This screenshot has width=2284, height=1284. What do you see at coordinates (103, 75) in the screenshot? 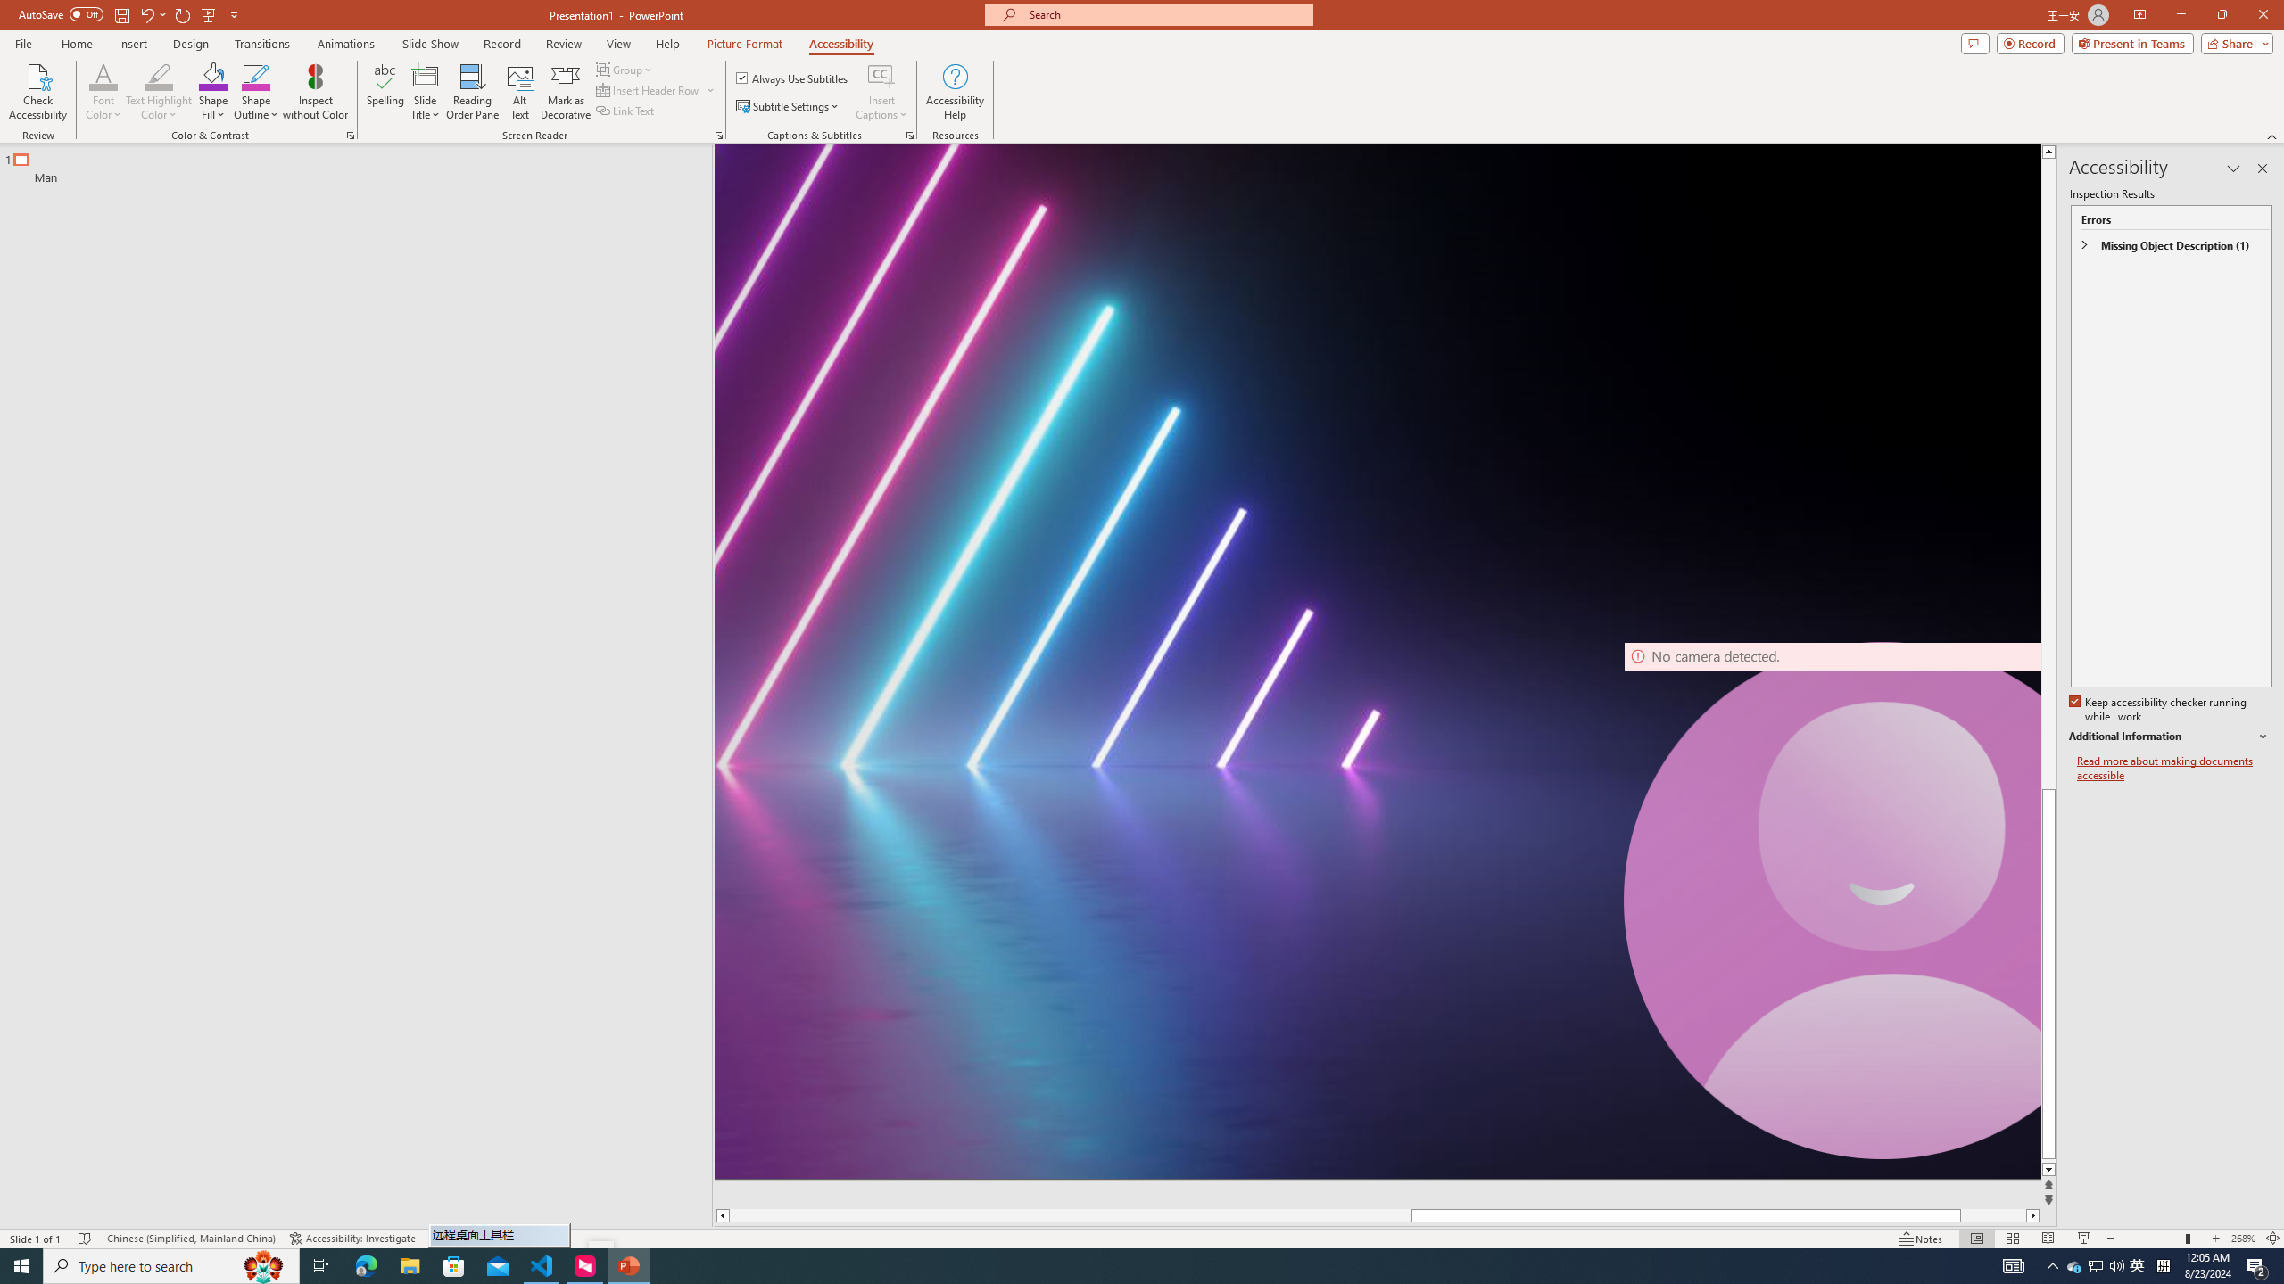
I see `'Font Color'` at bounding box center [103, 75].